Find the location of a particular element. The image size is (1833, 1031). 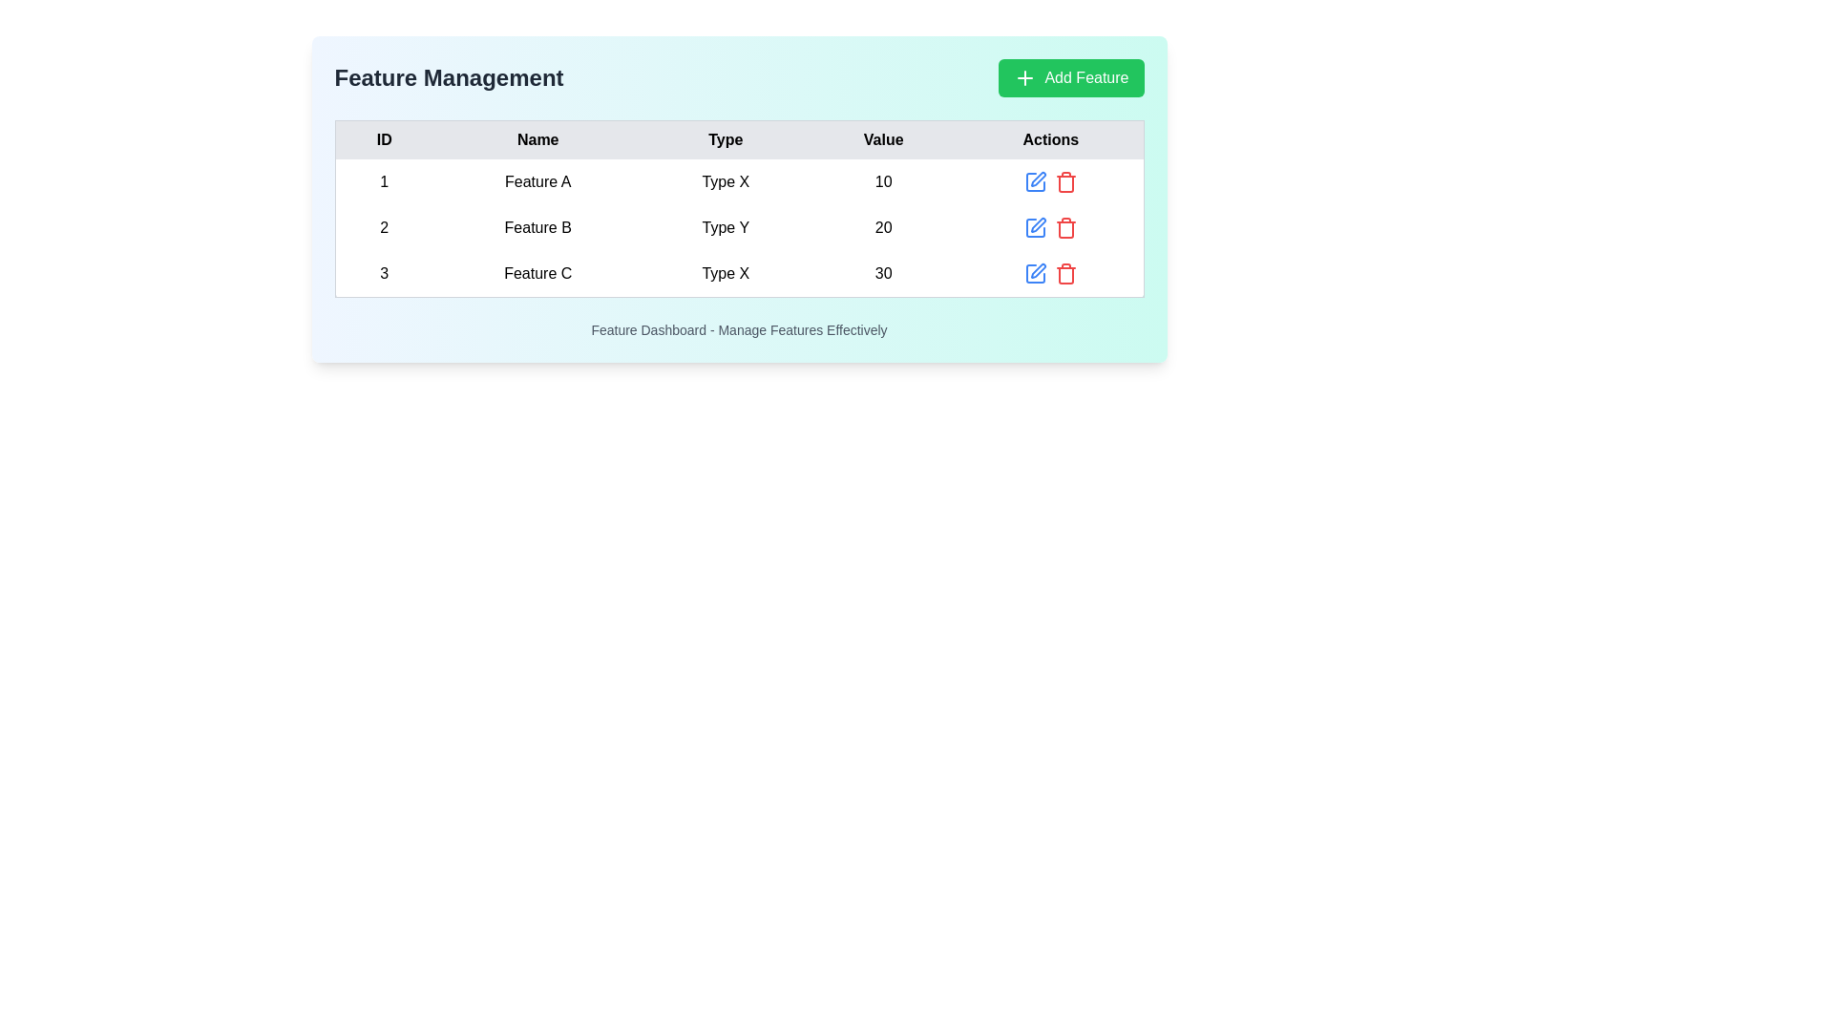

the static text label in the fourth position of the table header, which indicates the values associated with the table's entries is located at coordinates (882, 138).